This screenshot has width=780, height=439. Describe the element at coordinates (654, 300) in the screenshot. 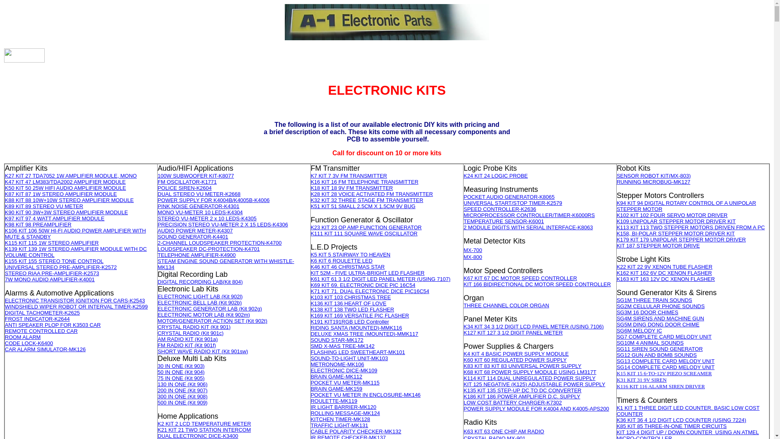

I see `'SG1M THREE TRAIN SOUNDS'` at that location.